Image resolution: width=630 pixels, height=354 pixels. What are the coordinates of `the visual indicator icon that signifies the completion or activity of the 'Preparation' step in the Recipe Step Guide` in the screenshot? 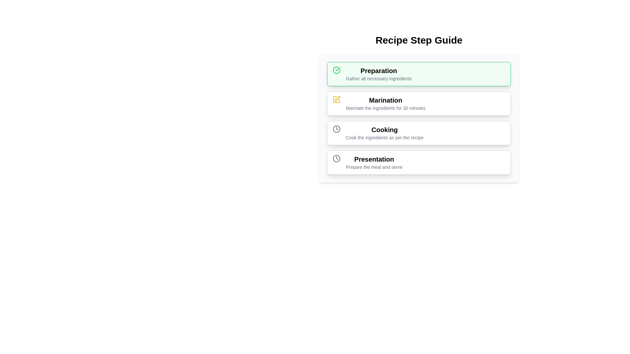 It's located at (337, 70).